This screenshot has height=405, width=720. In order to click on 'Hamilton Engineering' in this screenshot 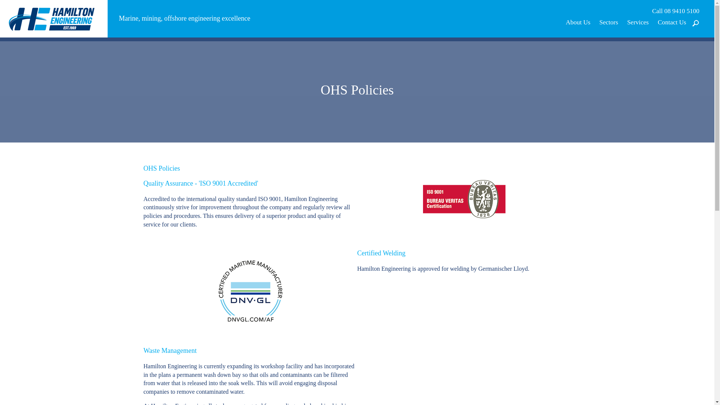, I will do `click(53, 18)`.